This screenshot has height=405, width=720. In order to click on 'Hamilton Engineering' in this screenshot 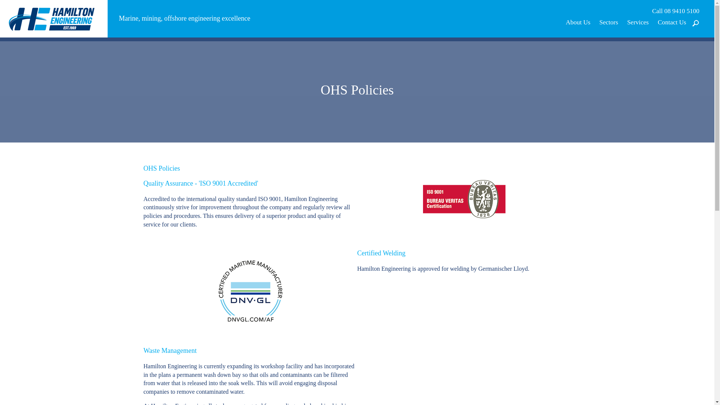, I will do `click(53, 18)`.